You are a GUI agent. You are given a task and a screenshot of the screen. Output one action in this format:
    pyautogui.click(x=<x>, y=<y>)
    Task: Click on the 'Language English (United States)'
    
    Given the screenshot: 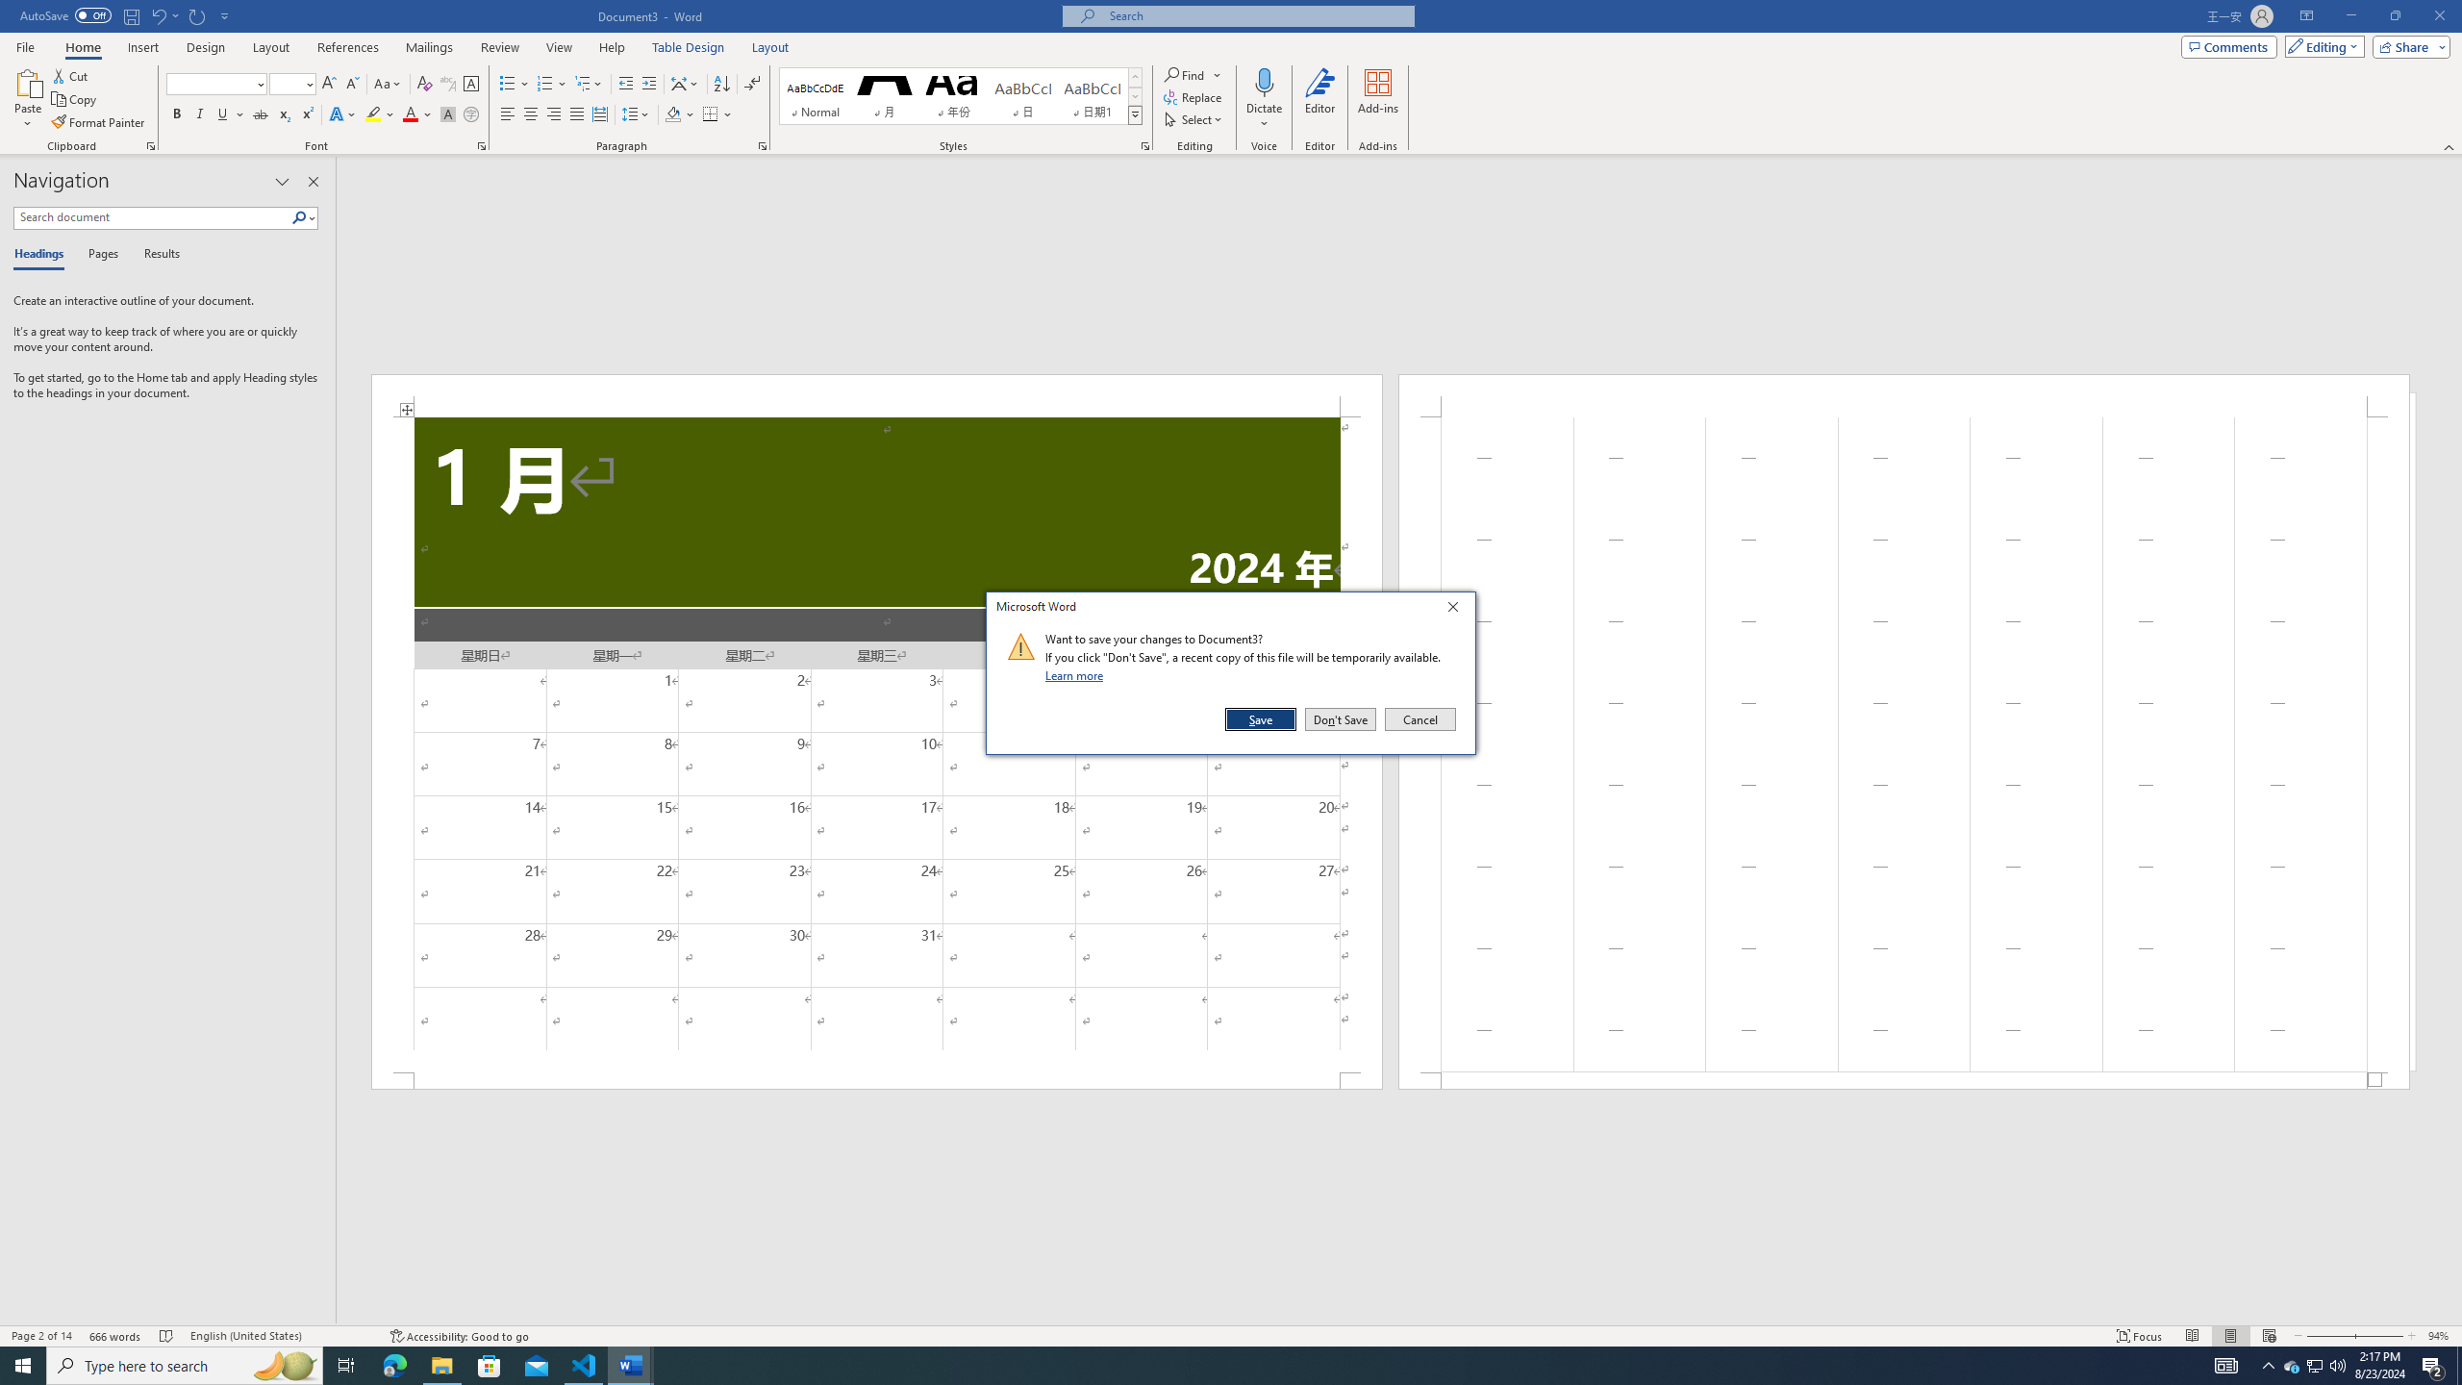 What is the action you would take?
    pyautogui.click(x=279, y=1336)
    